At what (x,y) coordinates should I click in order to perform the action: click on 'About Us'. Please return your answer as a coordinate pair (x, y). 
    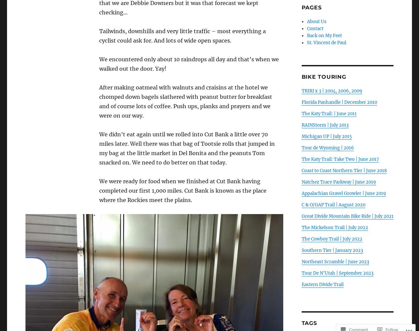
    Looking at the image, I should click on (316, 21).